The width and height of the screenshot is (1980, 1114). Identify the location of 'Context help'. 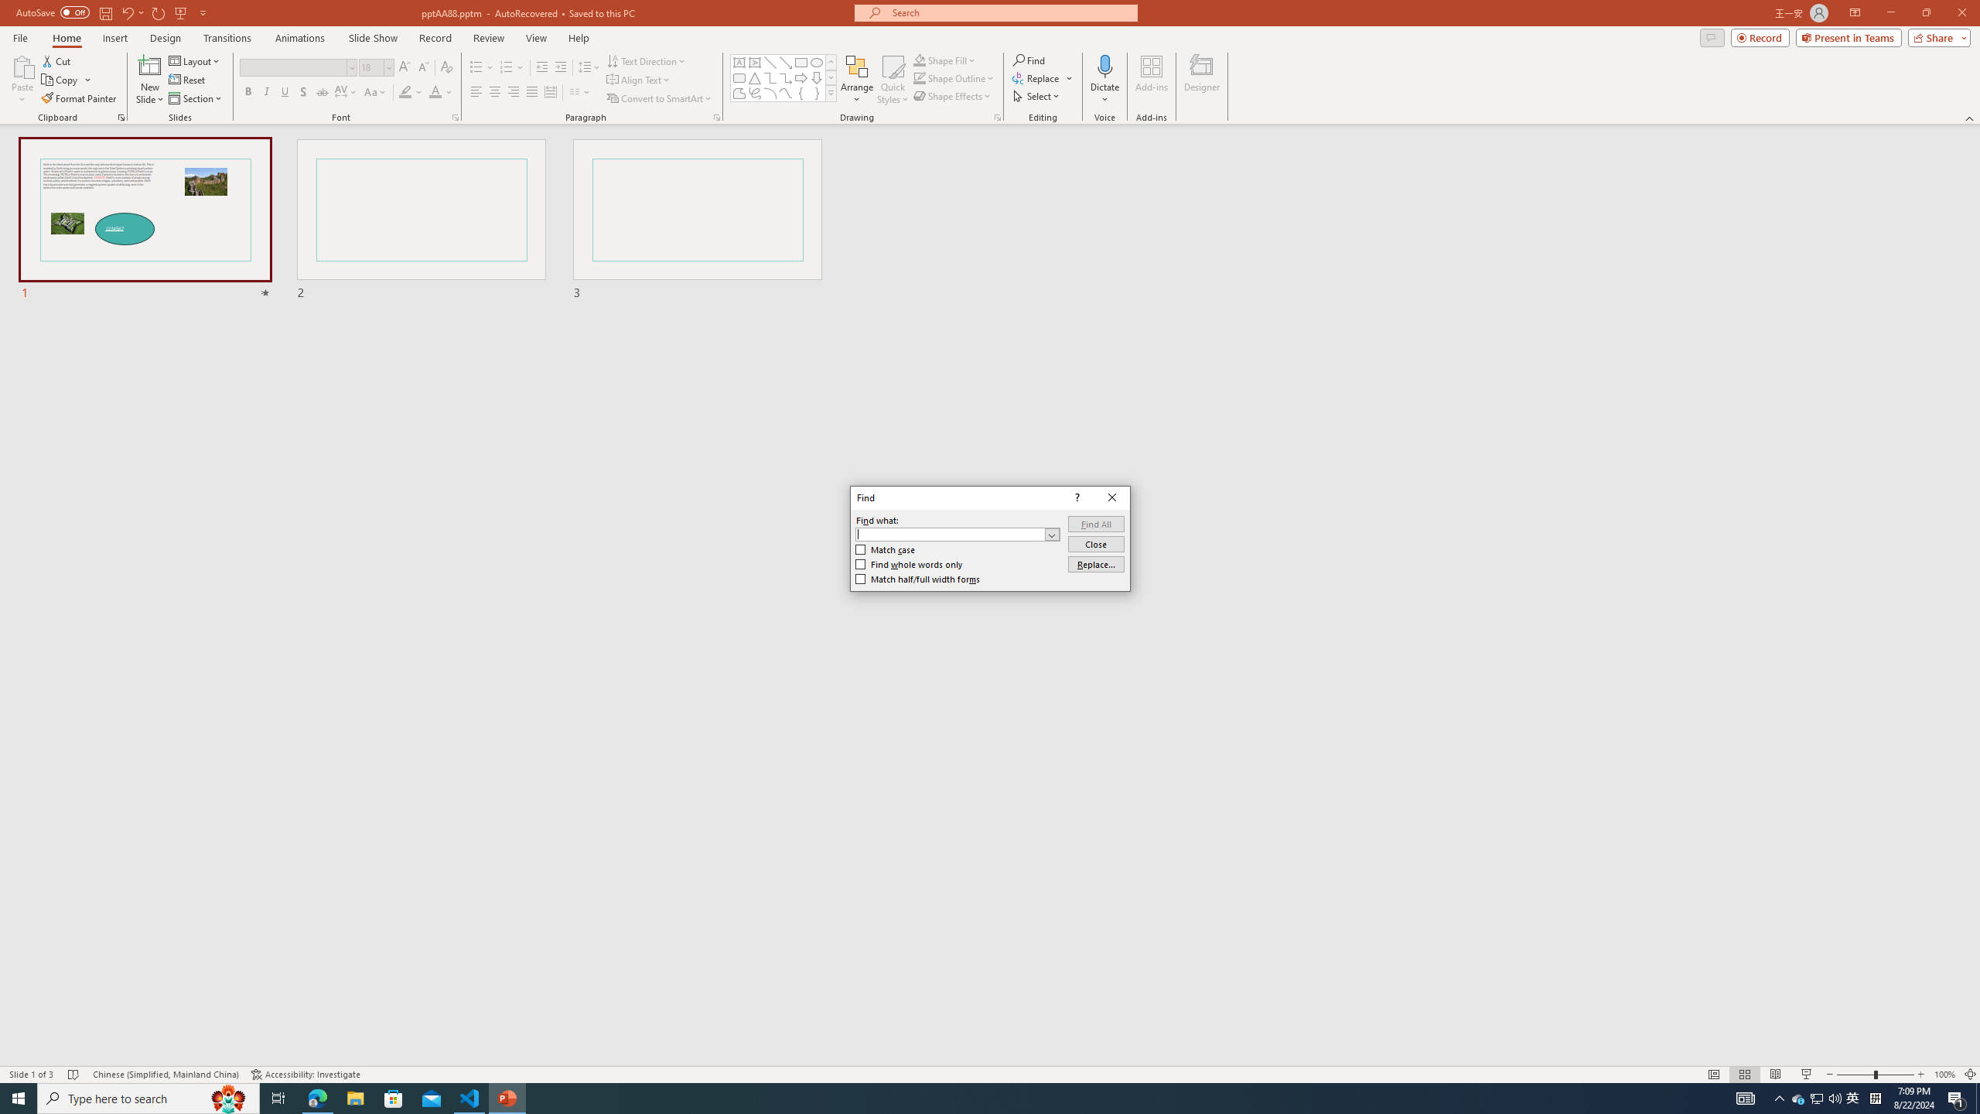
(1075, 497).